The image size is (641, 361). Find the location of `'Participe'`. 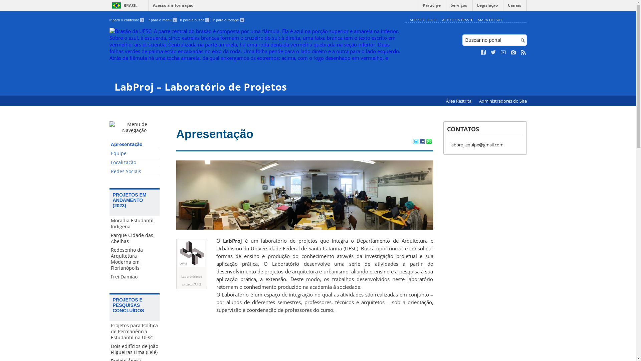

'Participe' is located at coordinates (431, 7).